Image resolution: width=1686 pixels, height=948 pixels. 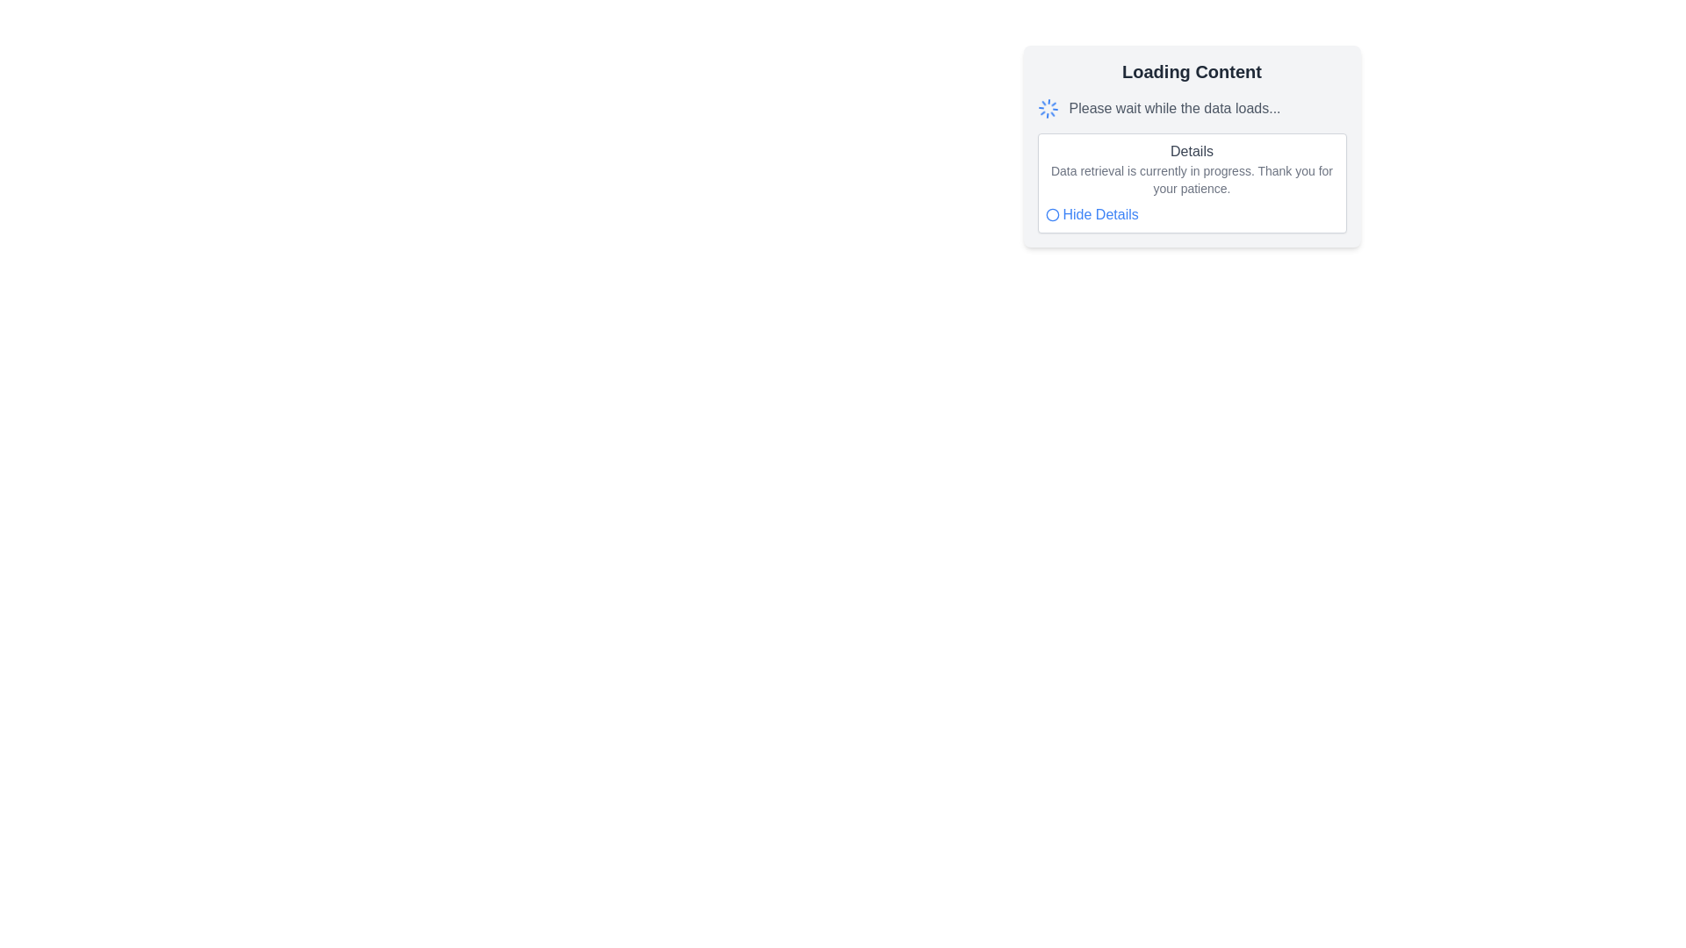 I want to click on the Circle icon with a thin border located close to the 'Hide Details' text link in the center of the dialog box under the 'Details' section, so click(x=1052, y=214).